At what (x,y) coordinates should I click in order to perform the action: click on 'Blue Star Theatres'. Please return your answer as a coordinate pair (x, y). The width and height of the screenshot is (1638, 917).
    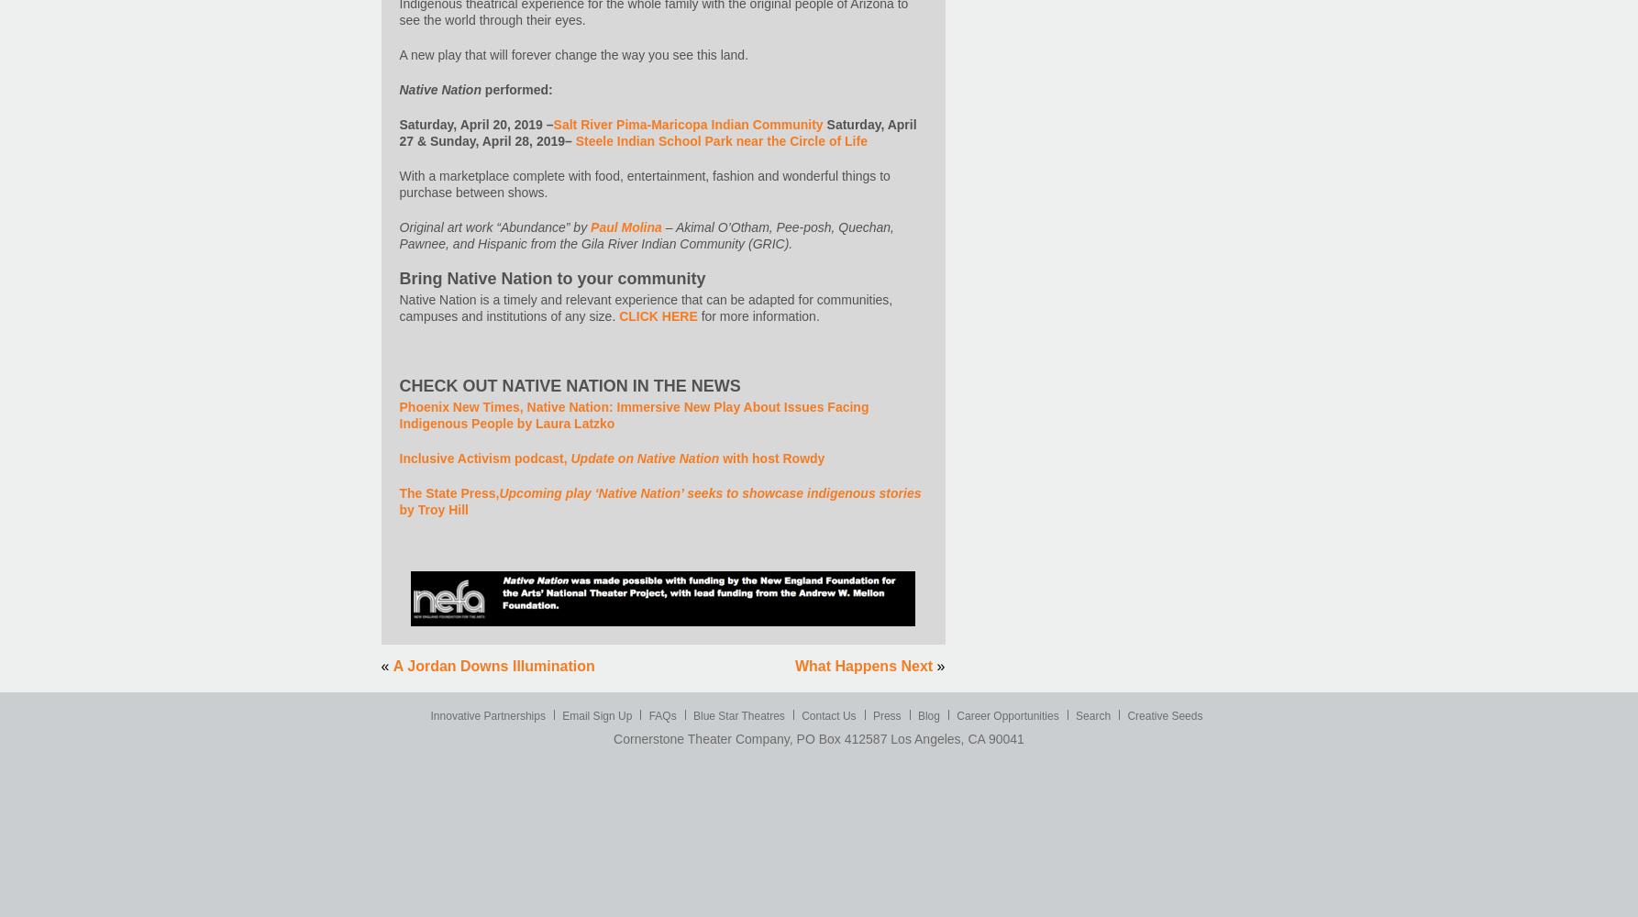
    Looking at the image, I should click on (692, 716).